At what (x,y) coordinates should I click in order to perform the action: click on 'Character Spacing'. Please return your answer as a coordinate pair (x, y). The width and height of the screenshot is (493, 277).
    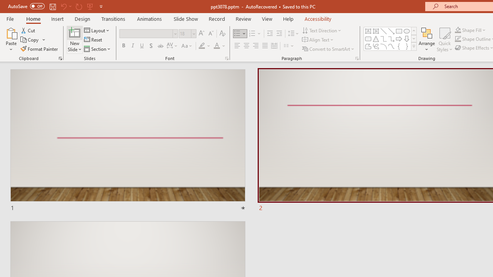
    Looking at the image, I should click on (172, 46).